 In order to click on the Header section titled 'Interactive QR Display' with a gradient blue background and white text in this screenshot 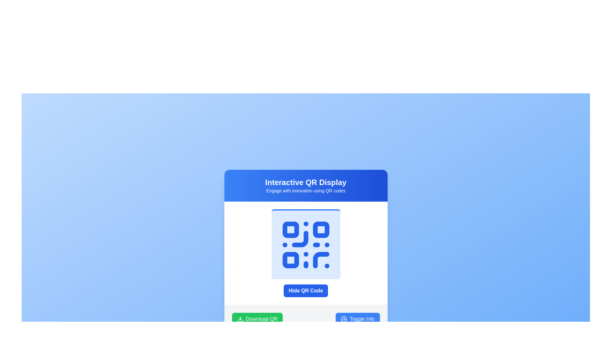, I will do `click(305, 185)`.